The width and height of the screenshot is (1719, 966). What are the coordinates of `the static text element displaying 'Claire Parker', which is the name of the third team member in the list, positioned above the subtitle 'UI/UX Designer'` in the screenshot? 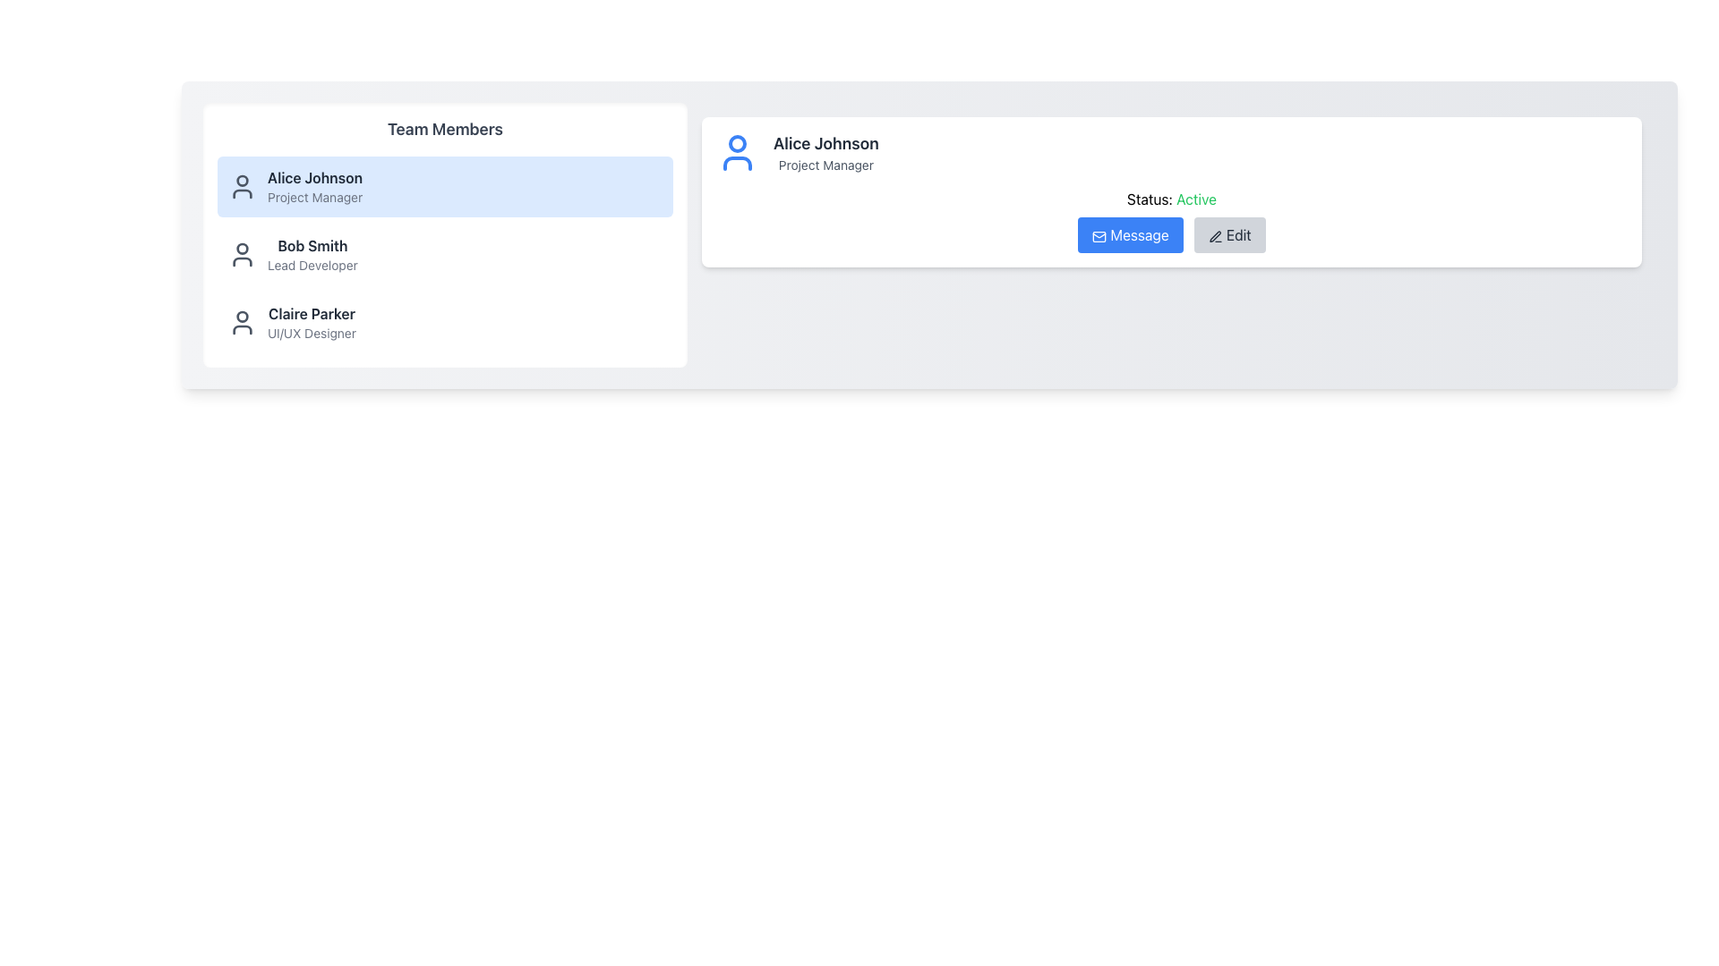 It's located at (312, 313).